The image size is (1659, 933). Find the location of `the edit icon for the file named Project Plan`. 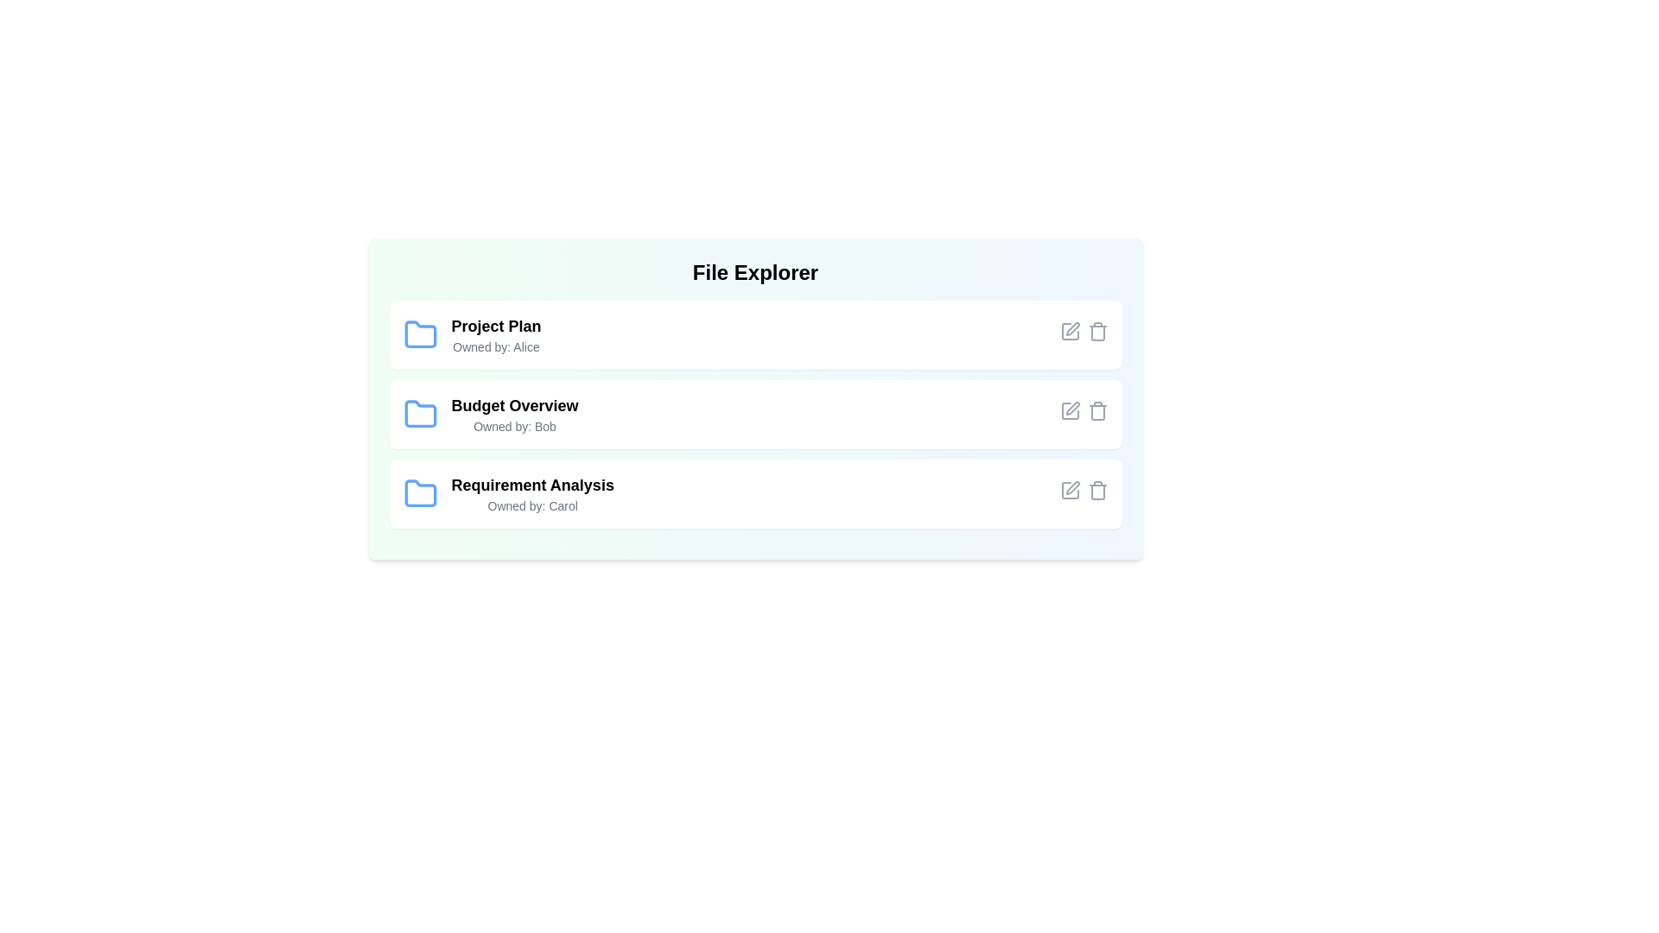

the edit icon for the file named Project Plan is located at coordinates (1069, 332).